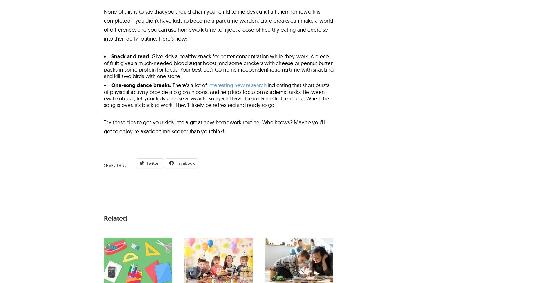  I want to click on 'Try these tips to get your kids into a great new homework routine. Who knows? Maybe you’ll get to enjoy relaxation time sooner than you think!', so click(214, 127).